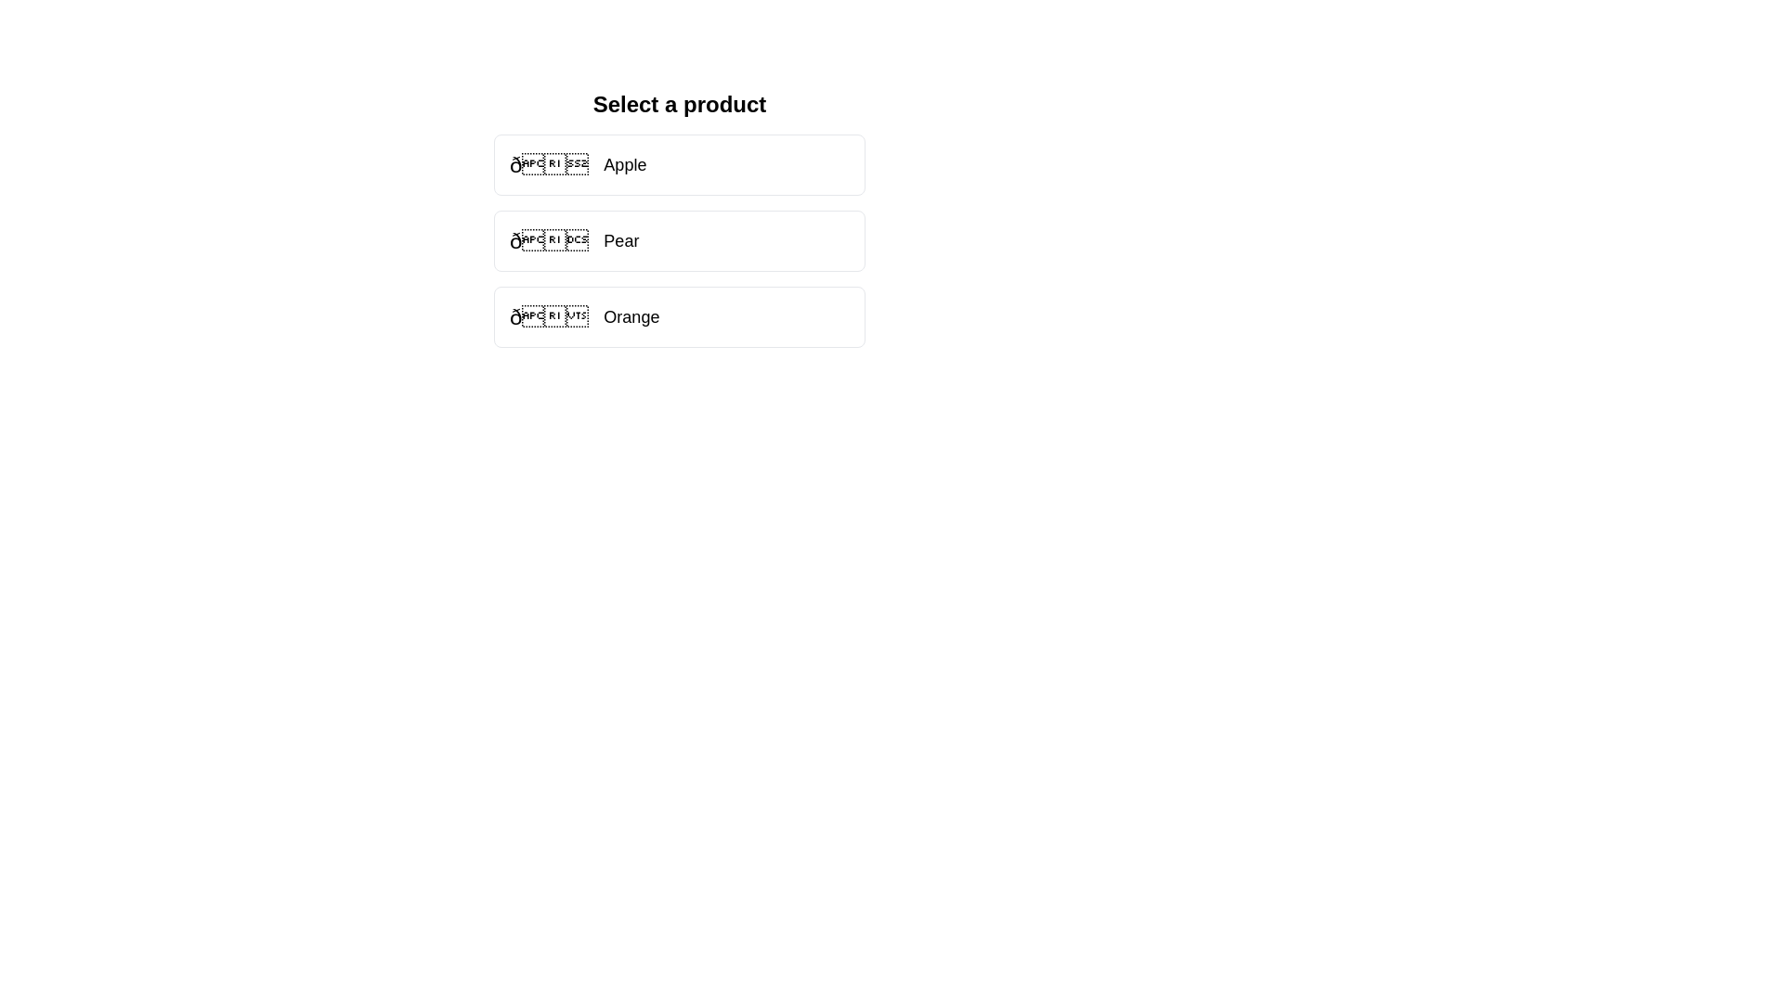  Describe the element at coordinates (631, 316) in the screenshot. I see `the text label 'Orange' in the third row of the product selection list, which is aligned to the right next to the orange emoji` at that location.